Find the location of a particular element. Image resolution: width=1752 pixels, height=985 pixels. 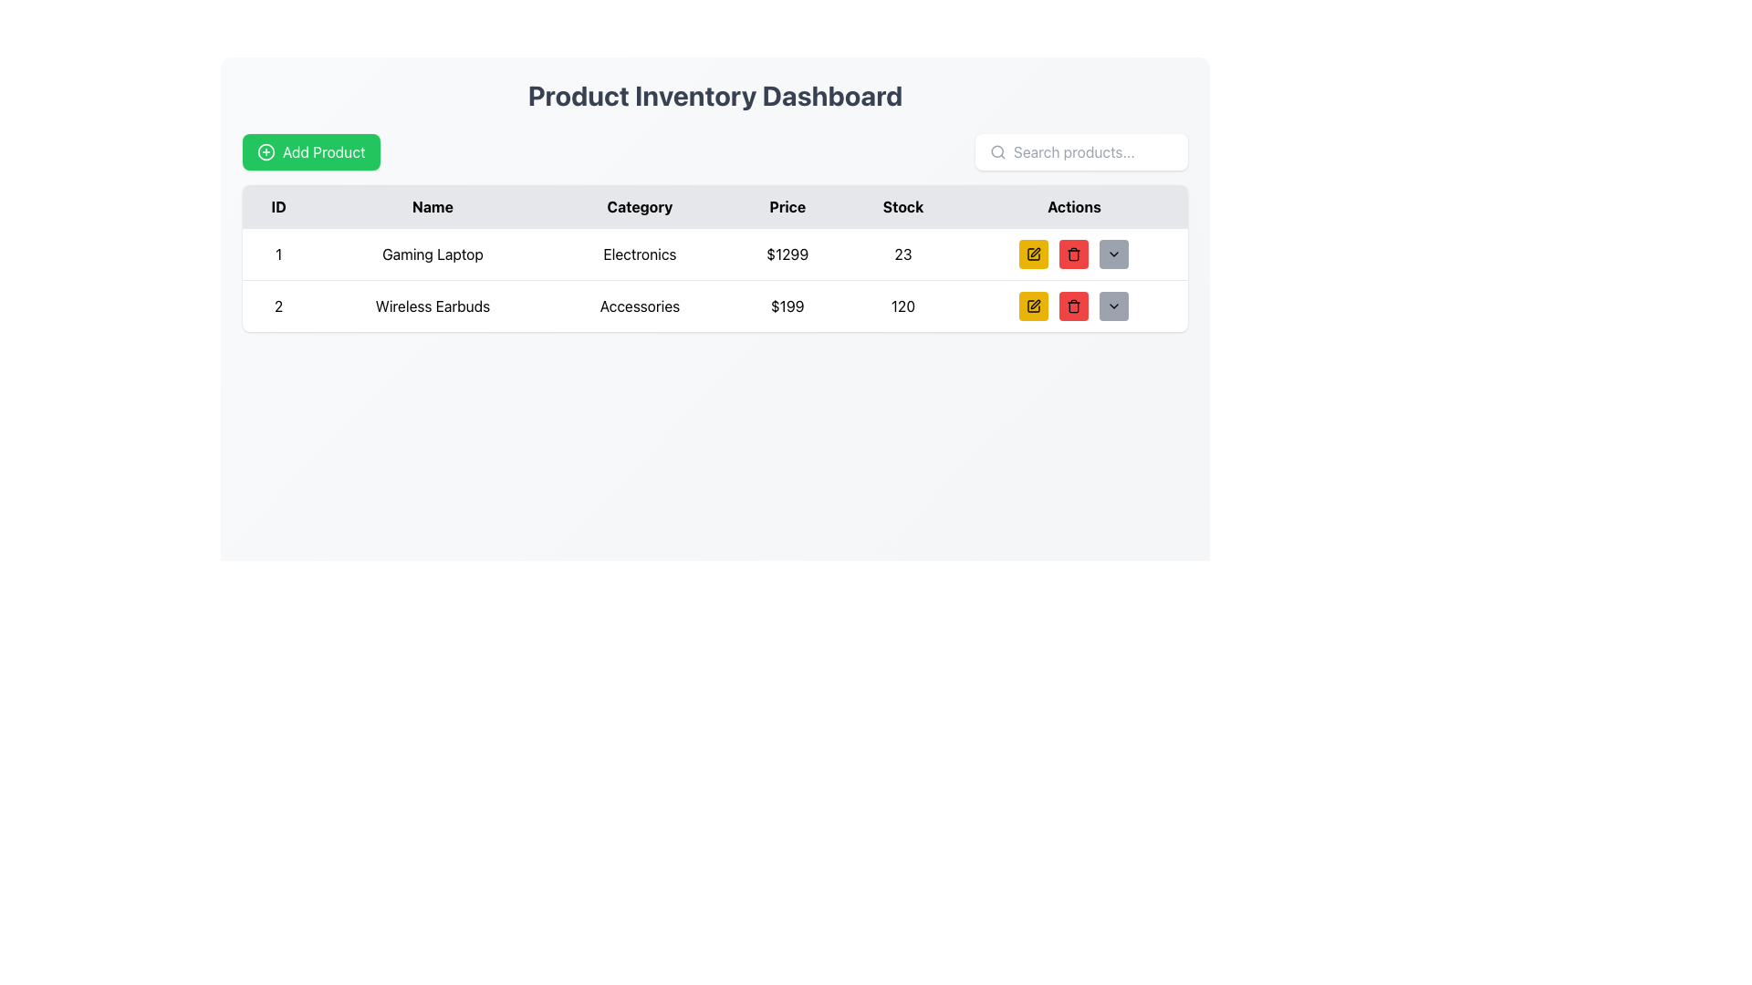

the descriptive text label for the product in the inventory list located in the first row under the 'Name' column, centered between '1' and 'Electronics' is located at coordinates (432, 254).